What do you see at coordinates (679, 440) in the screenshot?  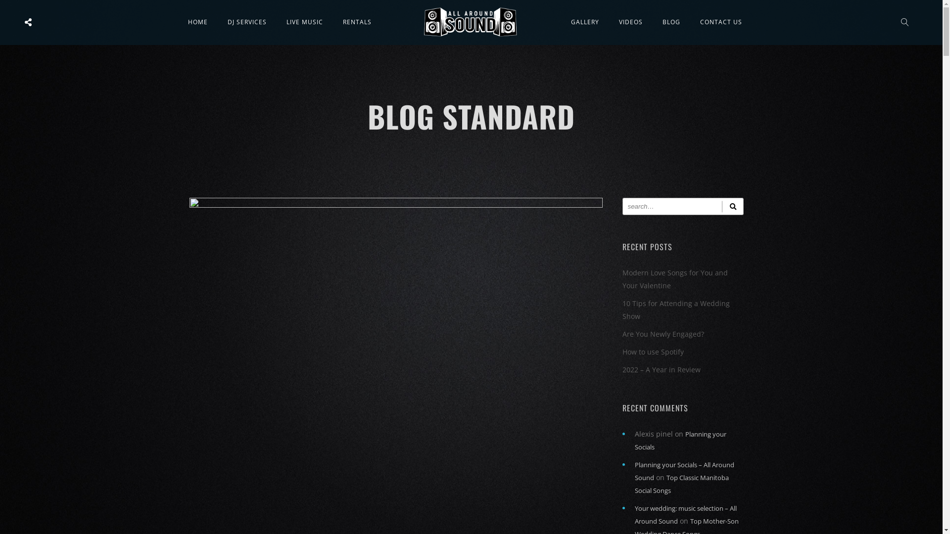 I see `'Planning your Socials'` at bounding box center [679, 440].